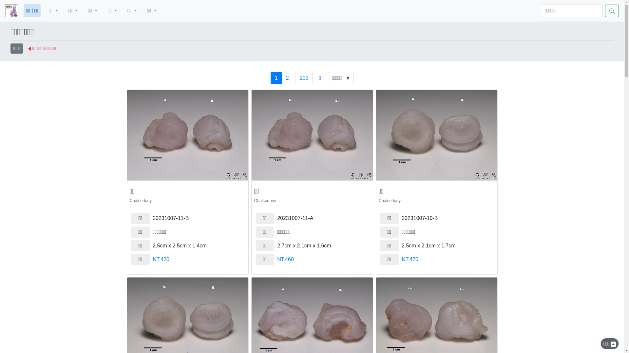 Image resolution: width=629 pixels, height=353 pixels. I want to click on '2', so click(287, 78).